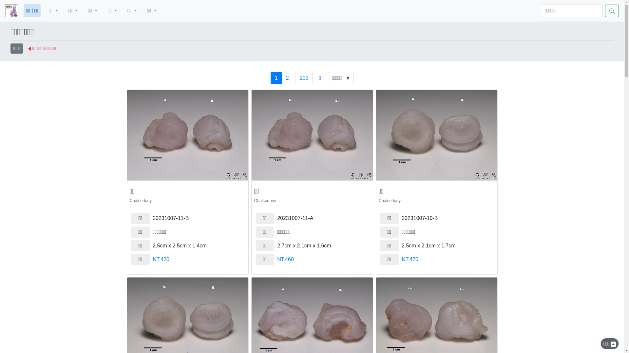 Image resolution: width=629 pixels, height=353 pixels. I want to click on '2', so click(287, 78).